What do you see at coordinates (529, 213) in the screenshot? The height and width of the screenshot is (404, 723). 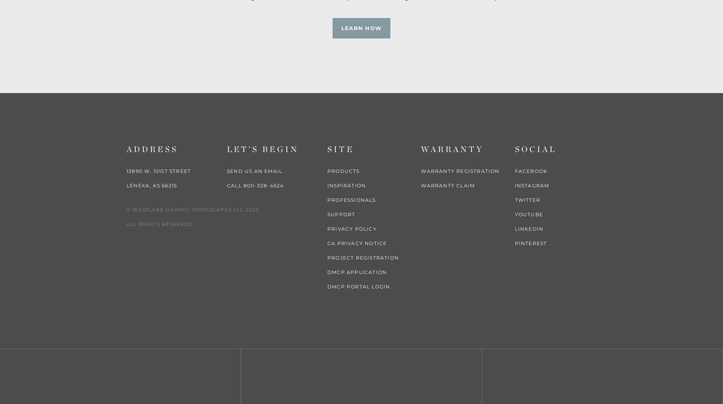 I see `'YouTube'` at bounding box center [529, 213].